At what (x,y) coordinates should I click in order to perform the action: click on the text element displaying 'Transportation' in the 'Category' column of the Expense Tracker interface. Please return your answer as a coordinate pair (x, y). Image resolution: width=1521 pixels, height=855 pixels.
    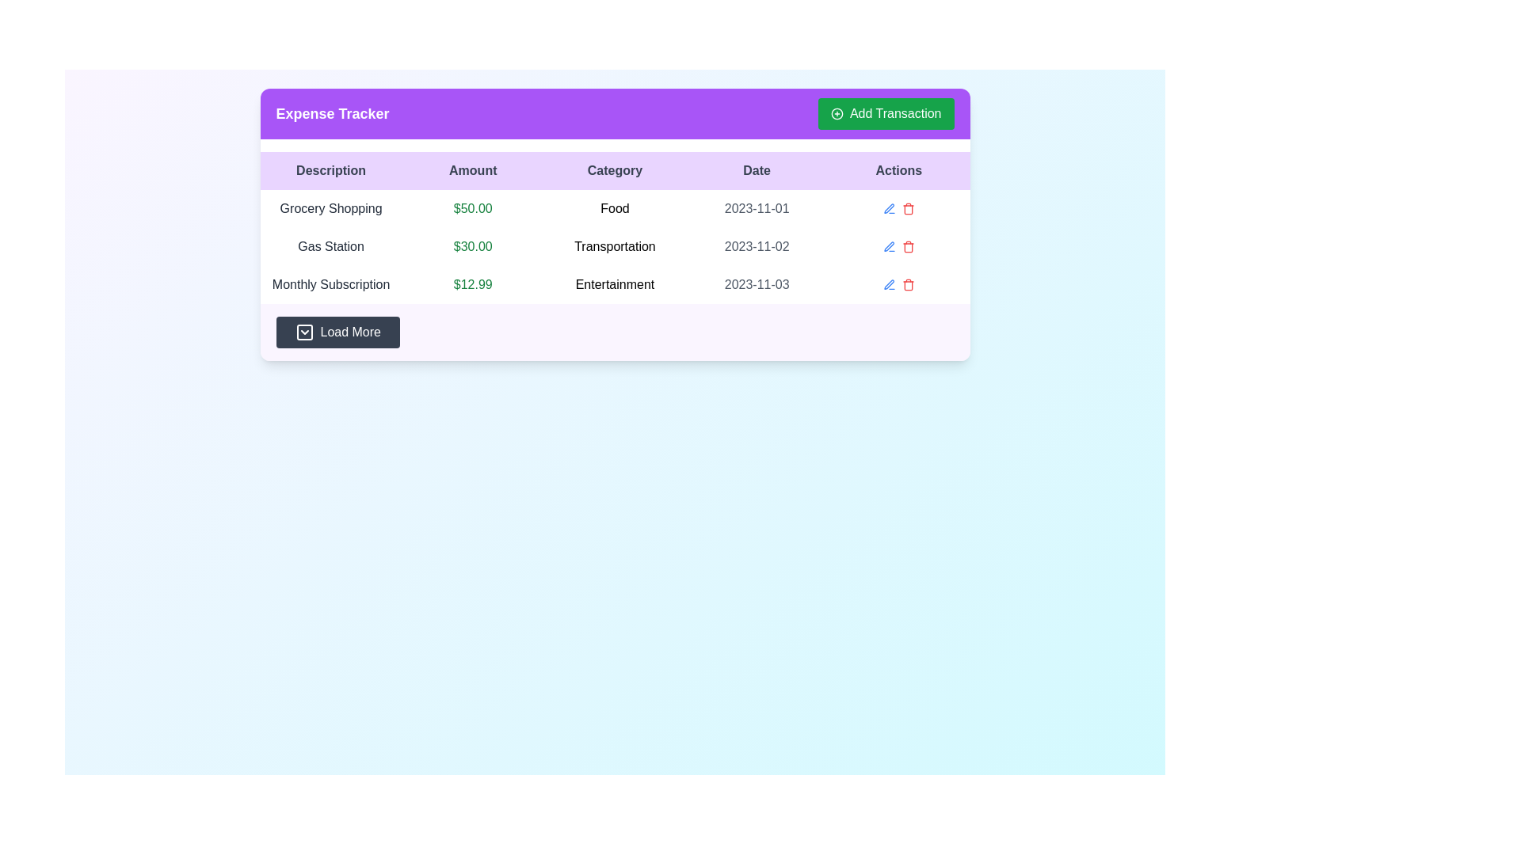
    Looking at the image, I should click on (614, 247).